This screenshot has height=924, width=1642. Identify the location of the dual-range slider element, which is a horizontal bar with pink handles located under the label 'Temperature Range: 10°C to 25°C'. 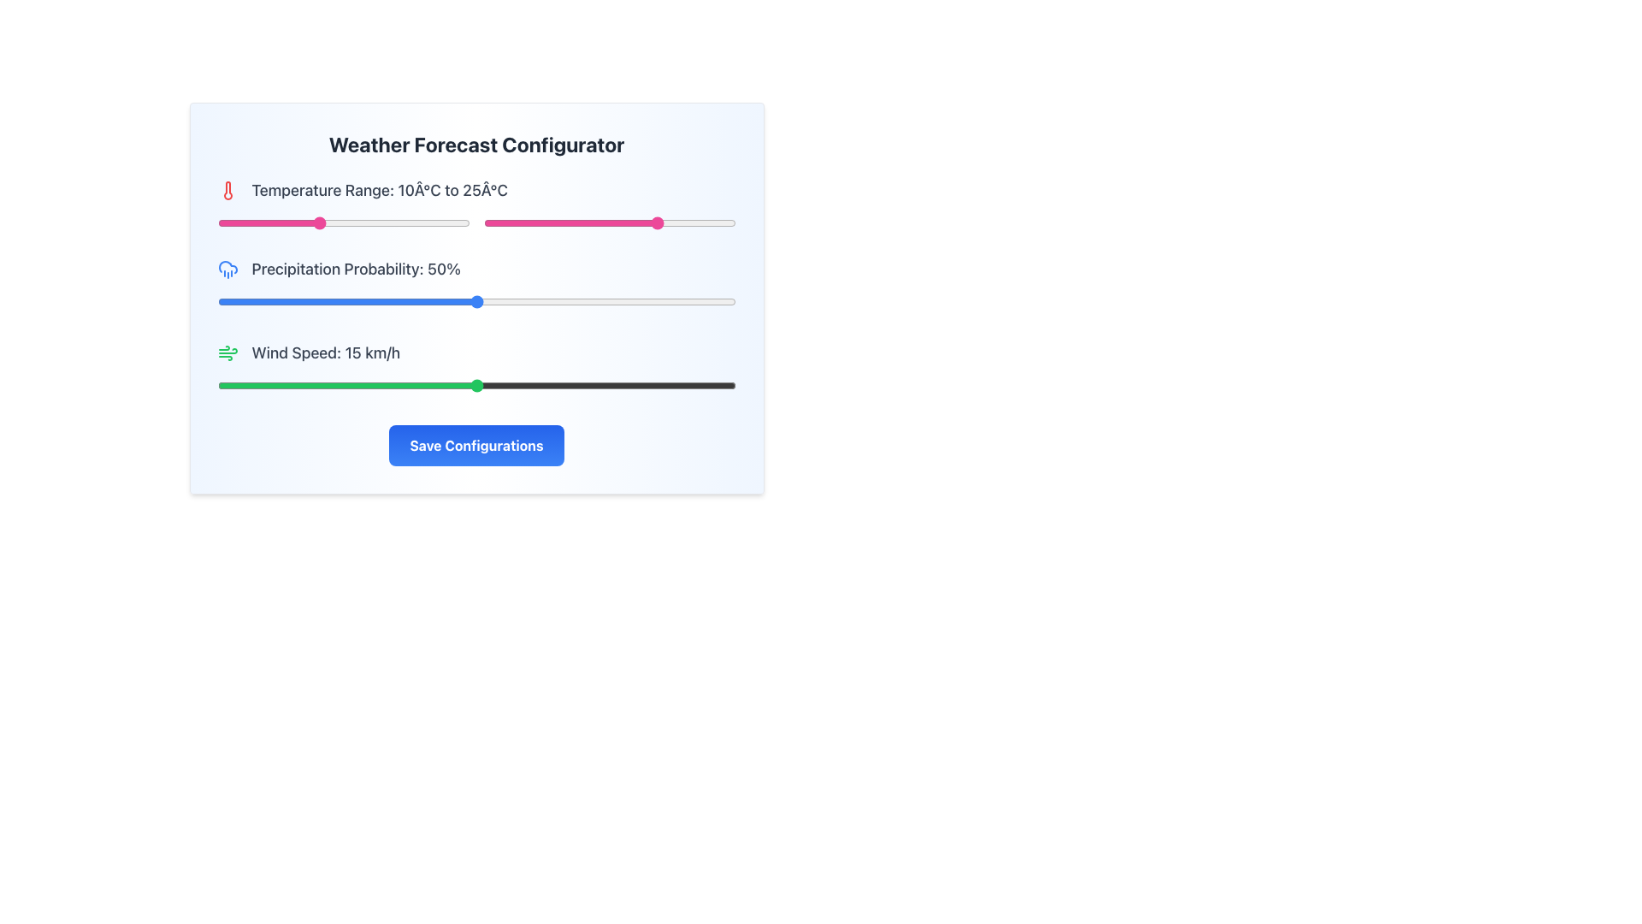
(476, 222).